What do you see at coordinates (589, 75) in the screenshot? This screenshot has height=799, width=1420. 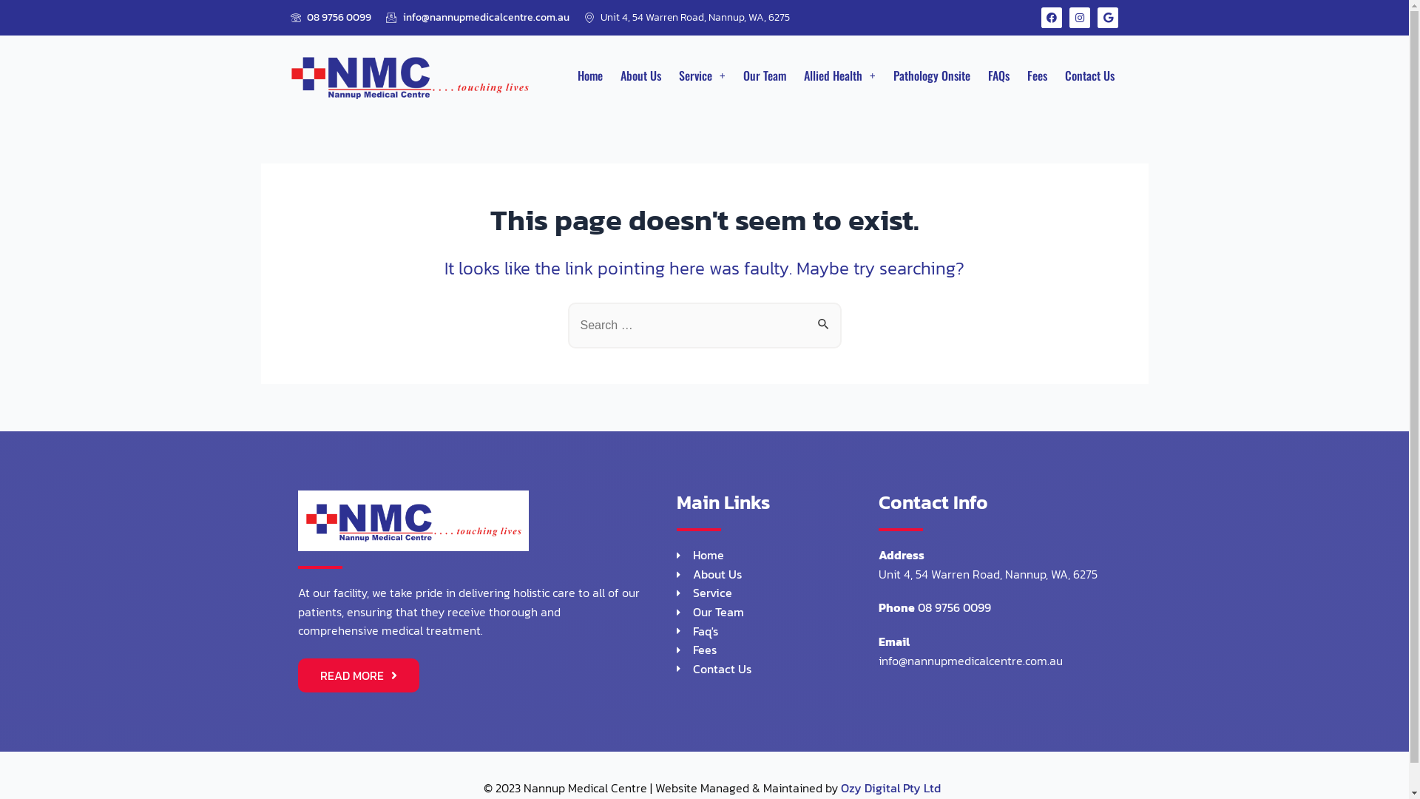 I see `'Home'` at bounding box center [589, 75].